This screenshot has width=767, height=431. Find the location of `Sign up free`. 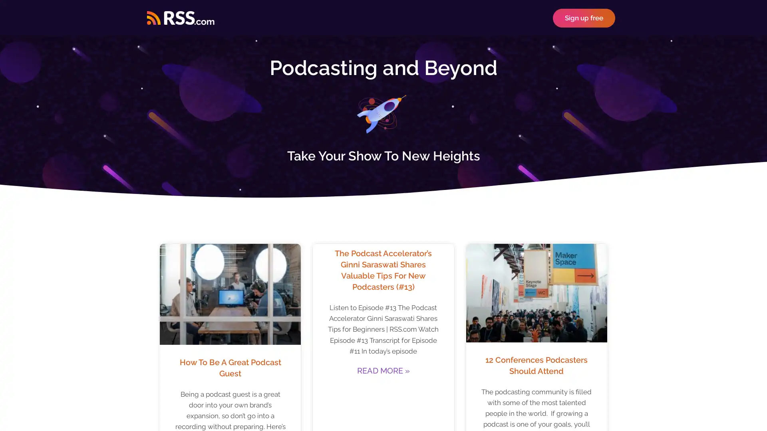

Sign up free is located at coordinates (584, 18).